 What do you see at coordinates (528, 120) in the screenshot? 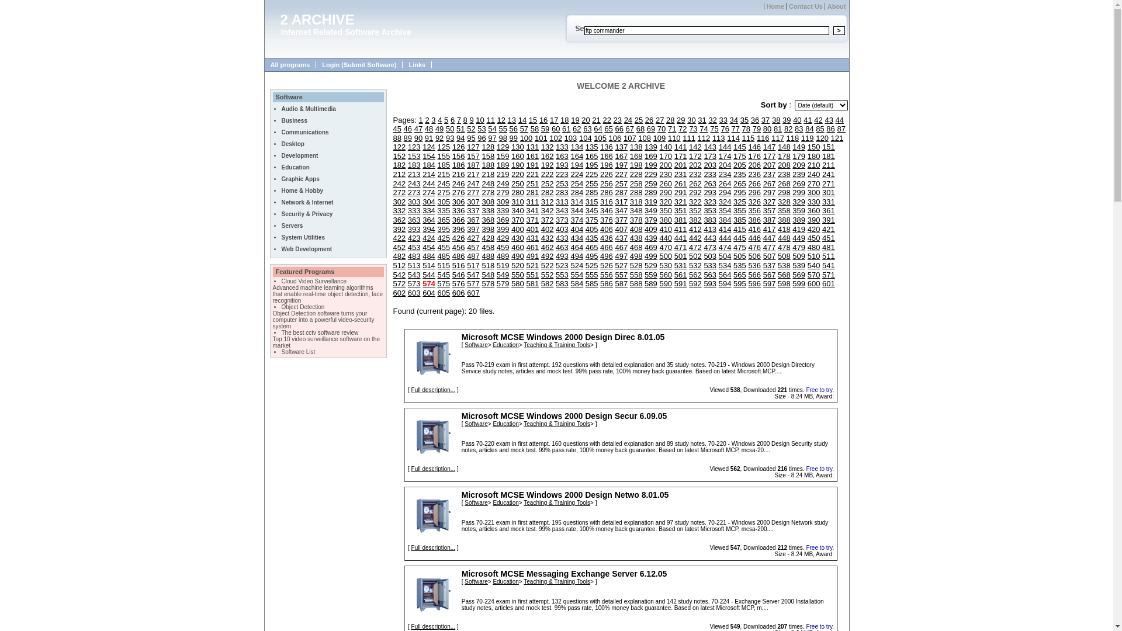
I see `'15'` at bounding box center [528, 120].